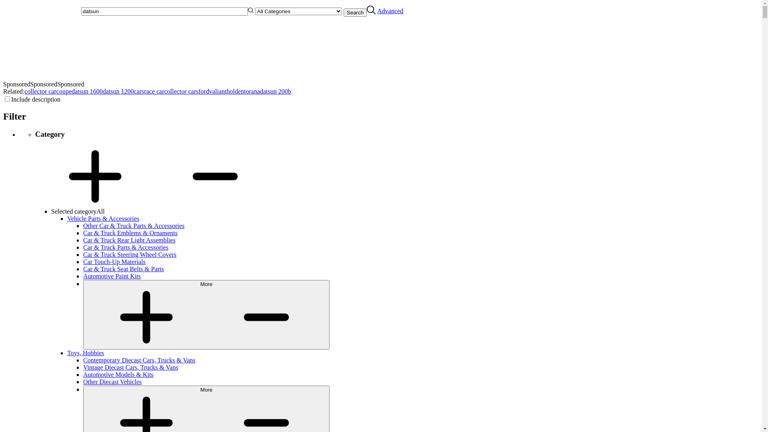 This screenshot has height=432, width=768. What do you see at coordinates (86, 352) in the screenshot?
I see `'Toys, Hobbies'` at bounding box center [86, 352].